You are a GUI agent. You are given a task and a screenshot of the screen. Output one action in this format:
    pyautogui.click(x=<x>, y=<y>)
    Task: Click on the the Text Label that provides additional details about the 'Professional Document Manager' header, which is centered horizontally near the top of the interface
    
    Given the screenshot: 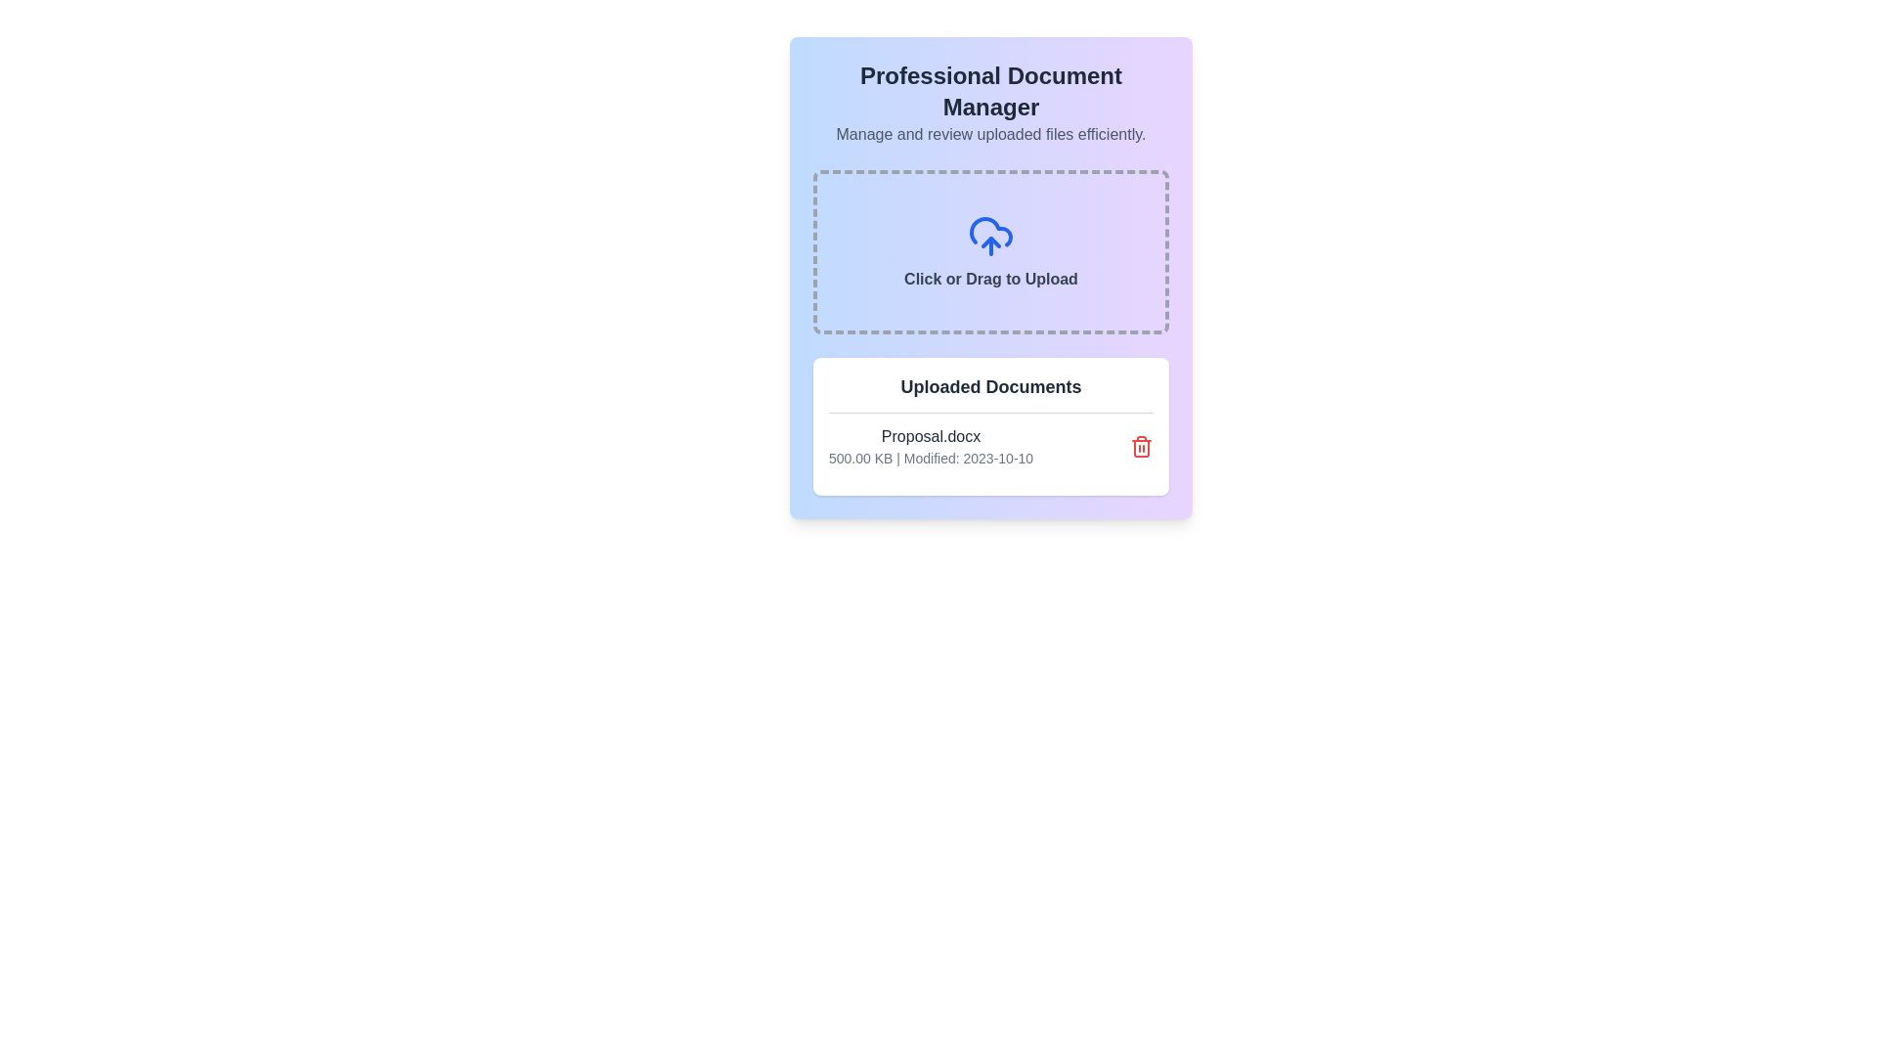 What is the action you would take?
    pyautogui.click(x=990, y=134)
    